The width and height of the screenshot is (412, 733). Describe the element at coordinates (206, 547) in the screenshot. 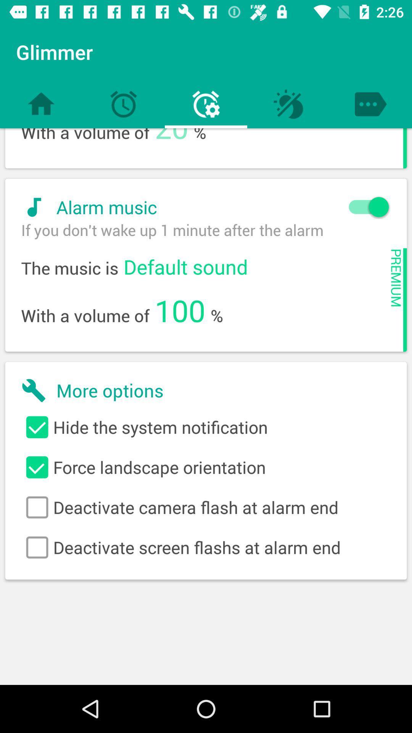

I see `deactivate screen flashs item` at that location.